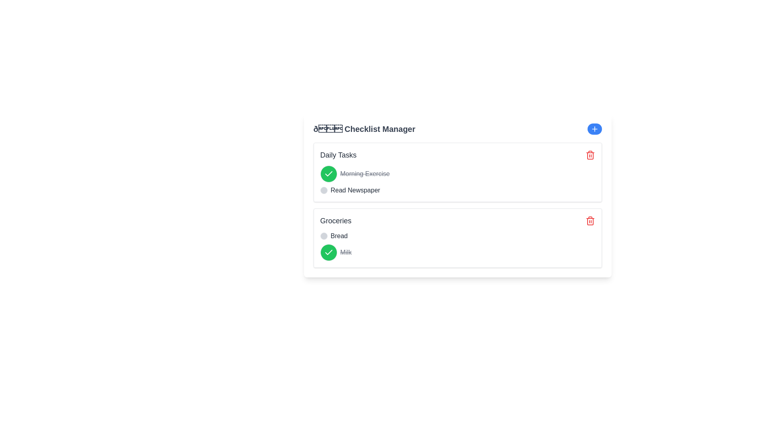  I want to click on the Circular Indicator Button located in the 'Daily Tasks' section, so click(328, 174).